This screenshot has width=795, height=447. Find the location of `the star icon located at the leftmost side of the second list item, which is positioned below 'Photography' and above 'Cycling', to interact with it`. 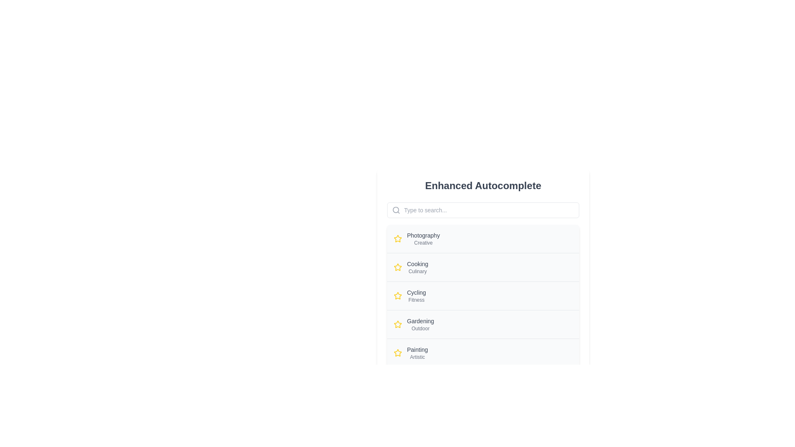

the star icon located at the leftmost side of the second list item, which is positioned below 'Photography' and above 'Cycling', to interact with it is located at coordinates (397, 267).